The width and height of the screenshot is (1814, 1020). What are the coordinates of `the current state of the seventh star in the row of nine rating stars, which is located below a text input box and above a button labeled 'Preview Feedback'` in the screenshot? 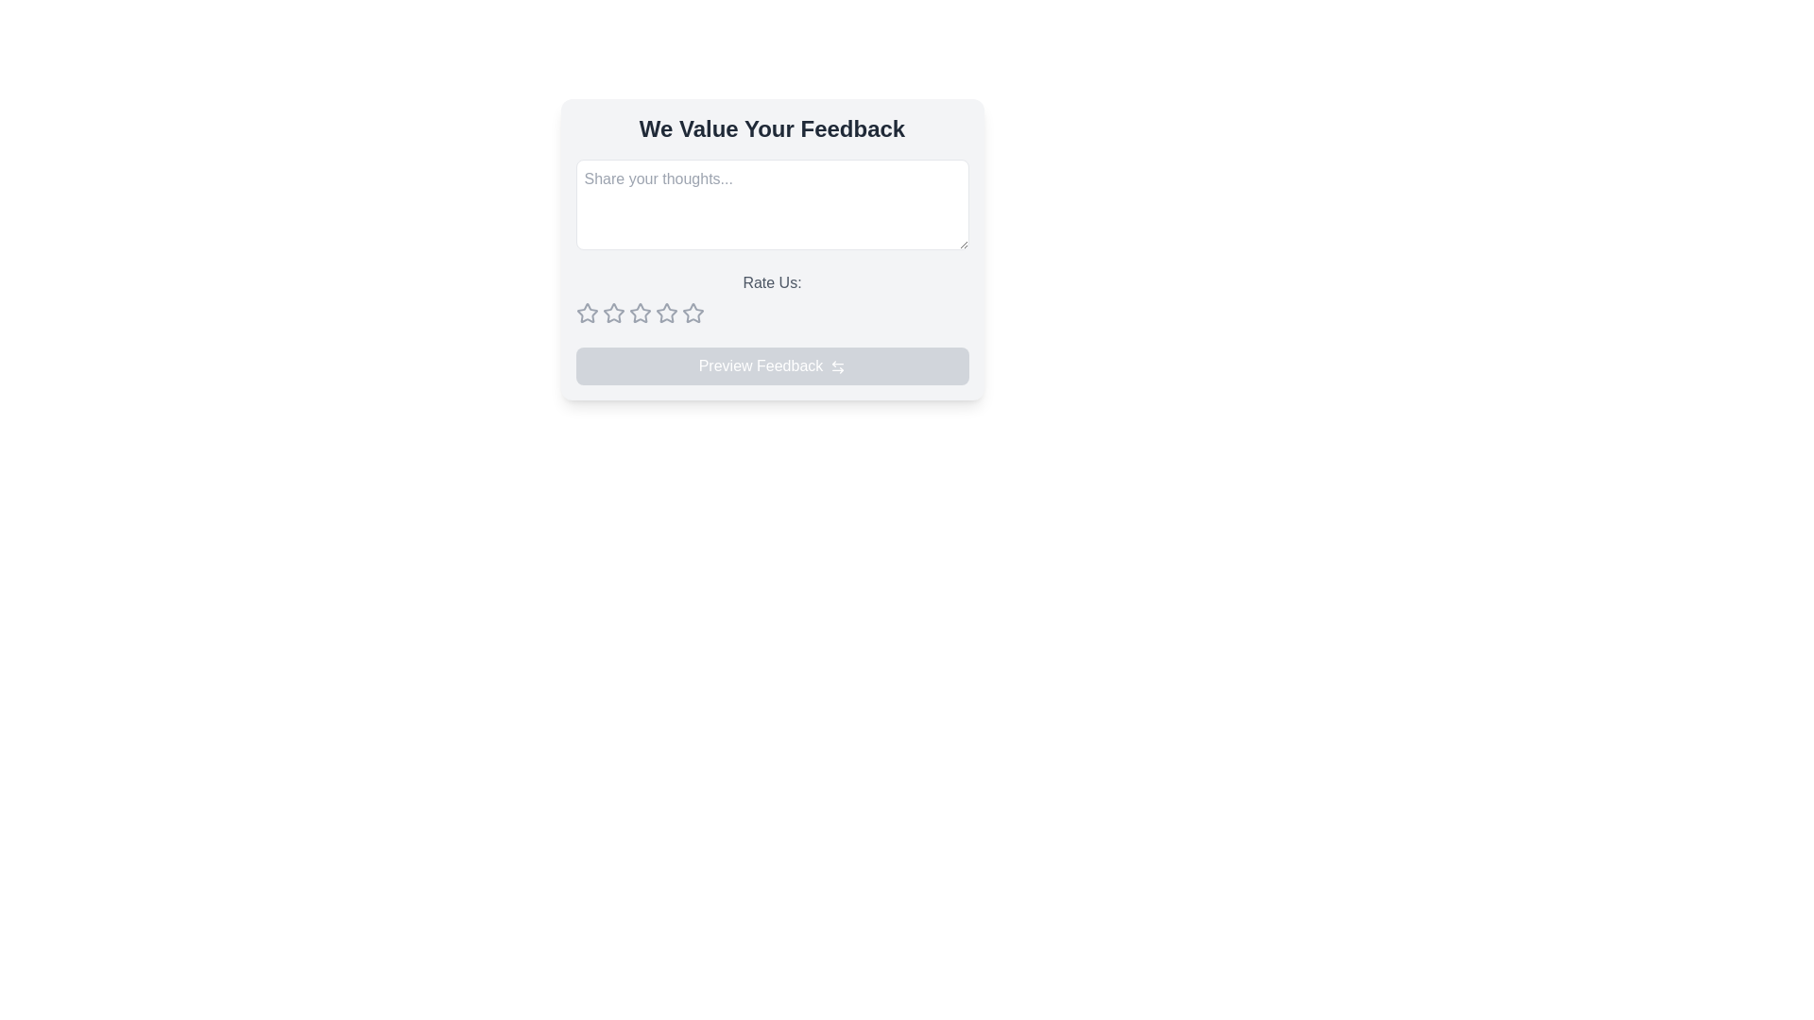 It's located at (692, 312).